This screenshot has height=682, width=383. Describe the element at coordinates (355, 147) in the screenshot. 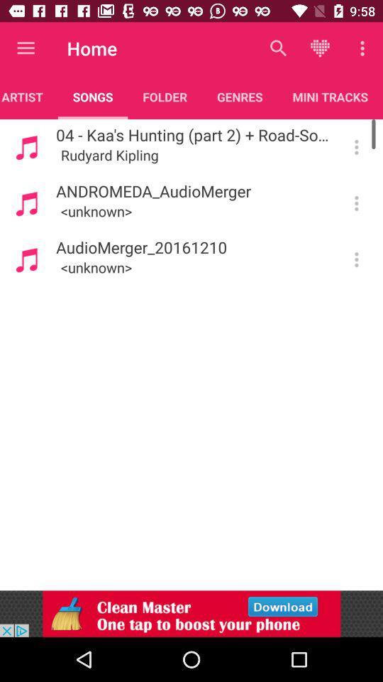

I see `more information` at that location.